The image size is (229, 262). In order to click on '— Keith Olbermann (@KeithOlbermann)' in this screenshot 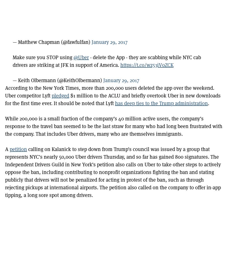, I will do `click(58, 80)`.